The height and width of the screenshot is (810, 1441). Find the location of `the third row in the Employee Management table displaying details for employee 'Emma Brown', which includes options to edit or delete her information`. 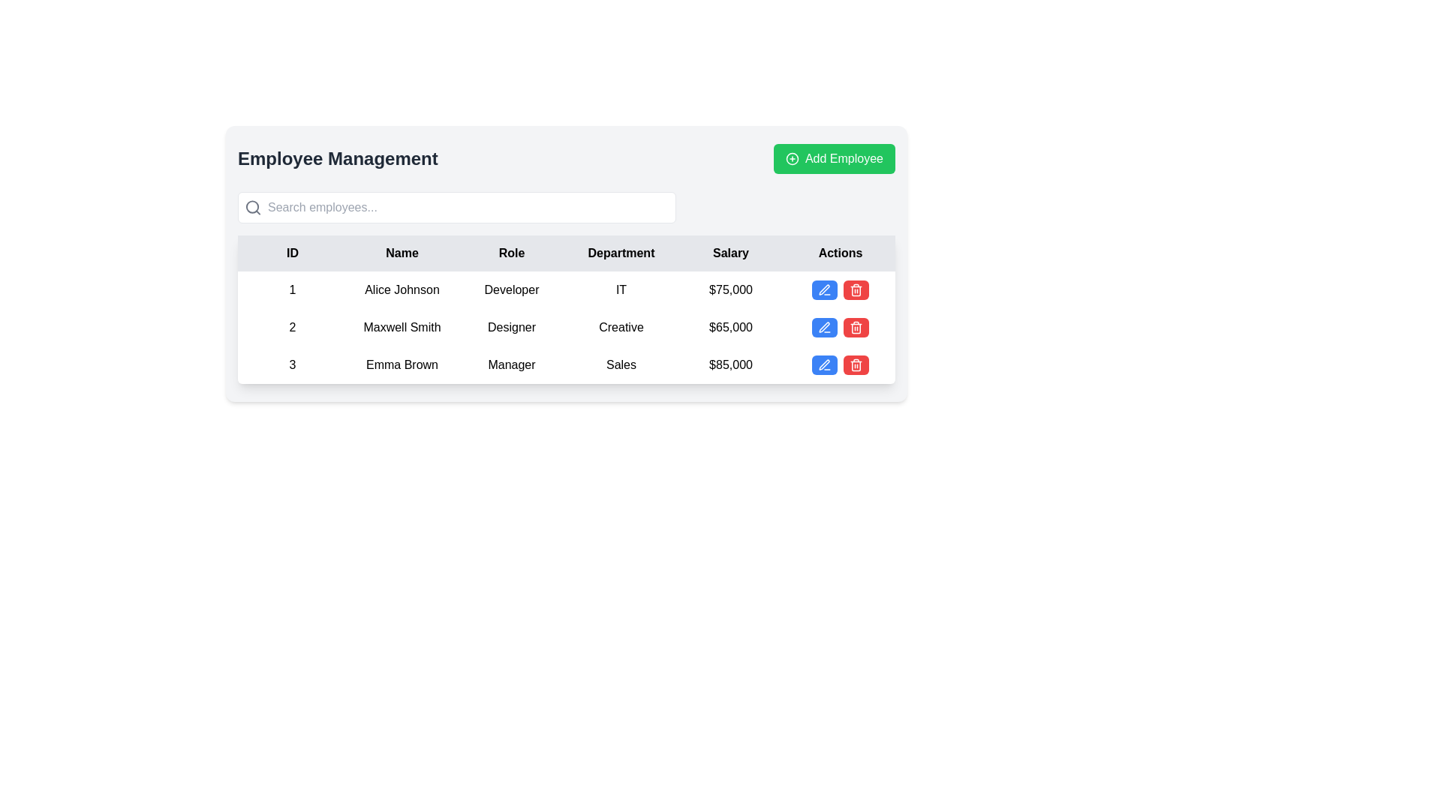

the third row in the Employee Management table displaying details for employee 'Emma Brown', which includes options to edit or delete her information is located at coordinates (565, 364).